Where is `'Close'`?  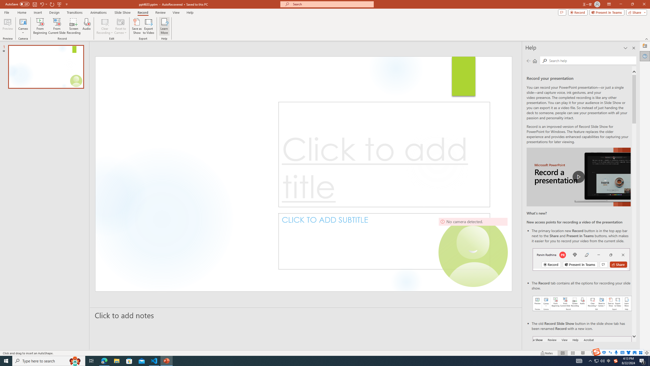 'Close' is located at coordinates (644, 4).